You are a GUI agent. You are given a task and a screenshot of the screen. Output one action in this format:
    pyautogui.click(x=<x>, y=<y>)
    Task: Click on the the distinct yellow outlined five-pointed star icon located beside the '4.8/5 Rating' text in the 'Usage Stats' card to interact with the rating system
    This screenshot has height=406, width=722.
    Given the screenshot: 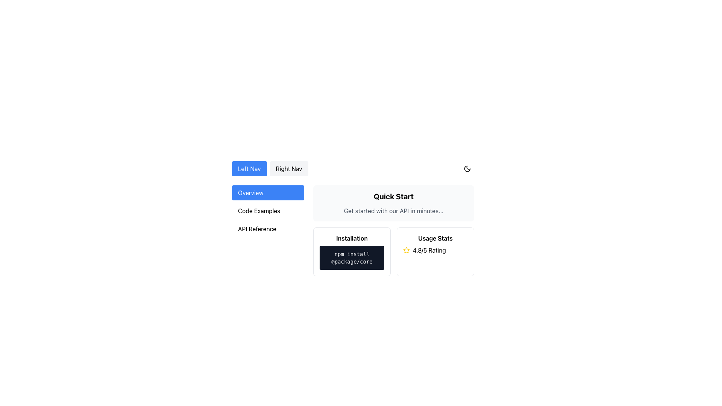 What is the action you would take?
    pyautogui.click(x=406, y=250)
    